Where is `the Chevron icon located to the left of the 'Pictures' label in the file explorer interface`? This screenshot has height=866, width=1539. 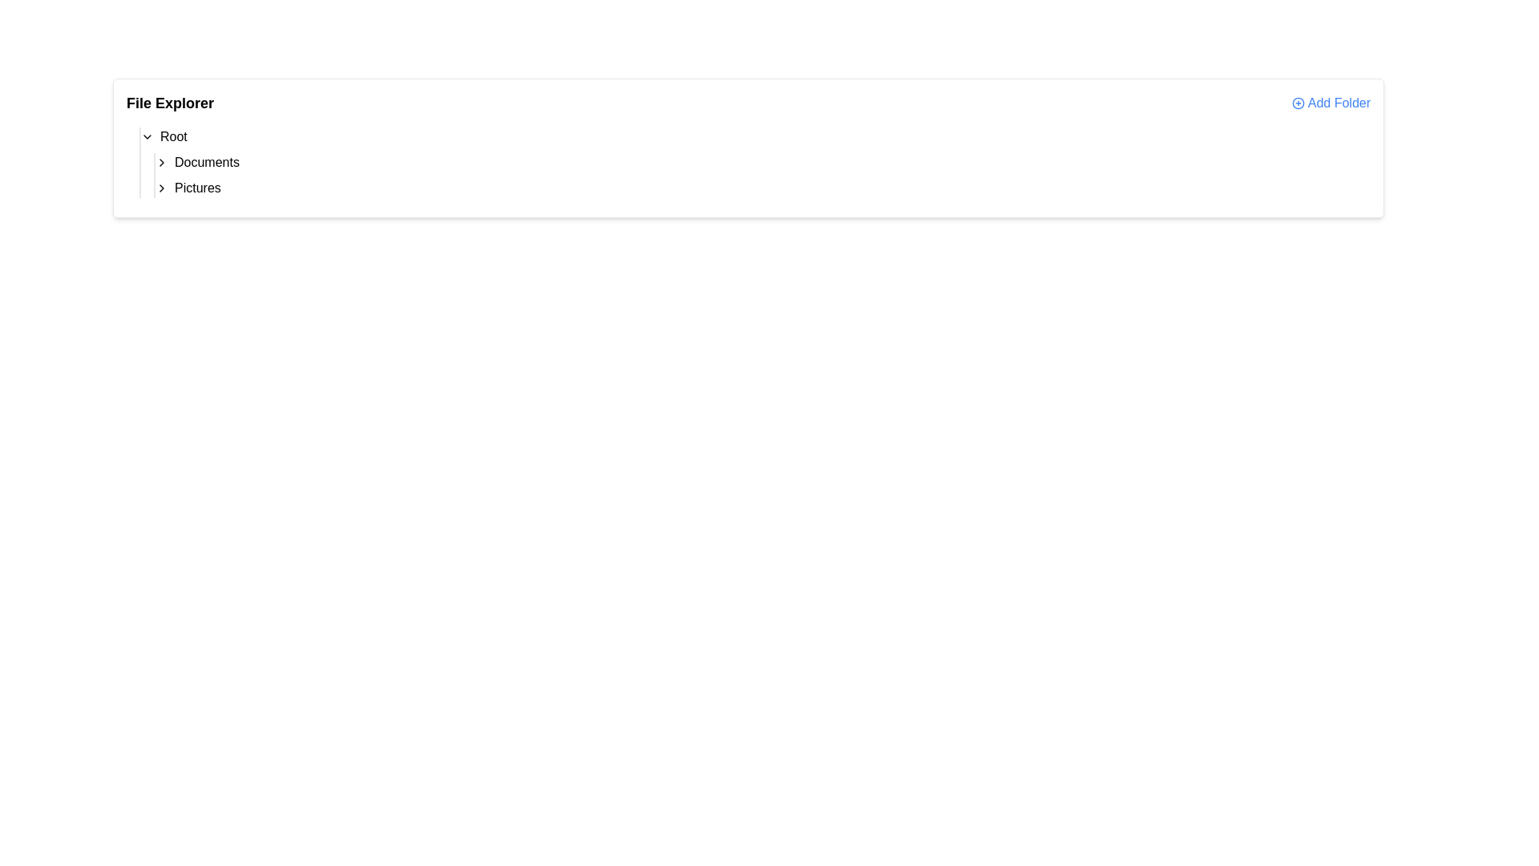
the Chevron icon located to the left of the 'Pictures' label in the file explorer interface is located at coordinates (161, 188).